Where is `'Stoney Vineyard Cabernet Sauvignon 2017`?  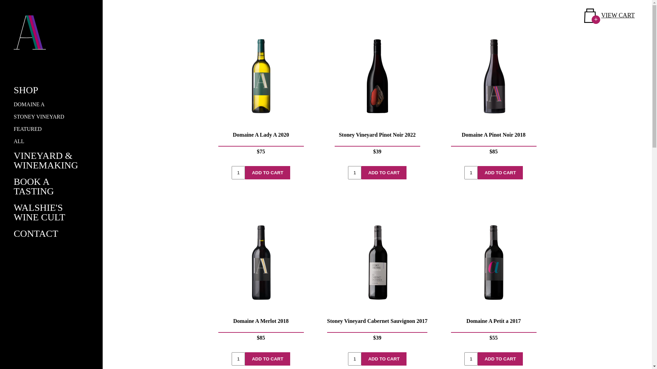
'Stoney Vineyard Cabernet Sauvignon 2017 is located at coordinates (377, 281).